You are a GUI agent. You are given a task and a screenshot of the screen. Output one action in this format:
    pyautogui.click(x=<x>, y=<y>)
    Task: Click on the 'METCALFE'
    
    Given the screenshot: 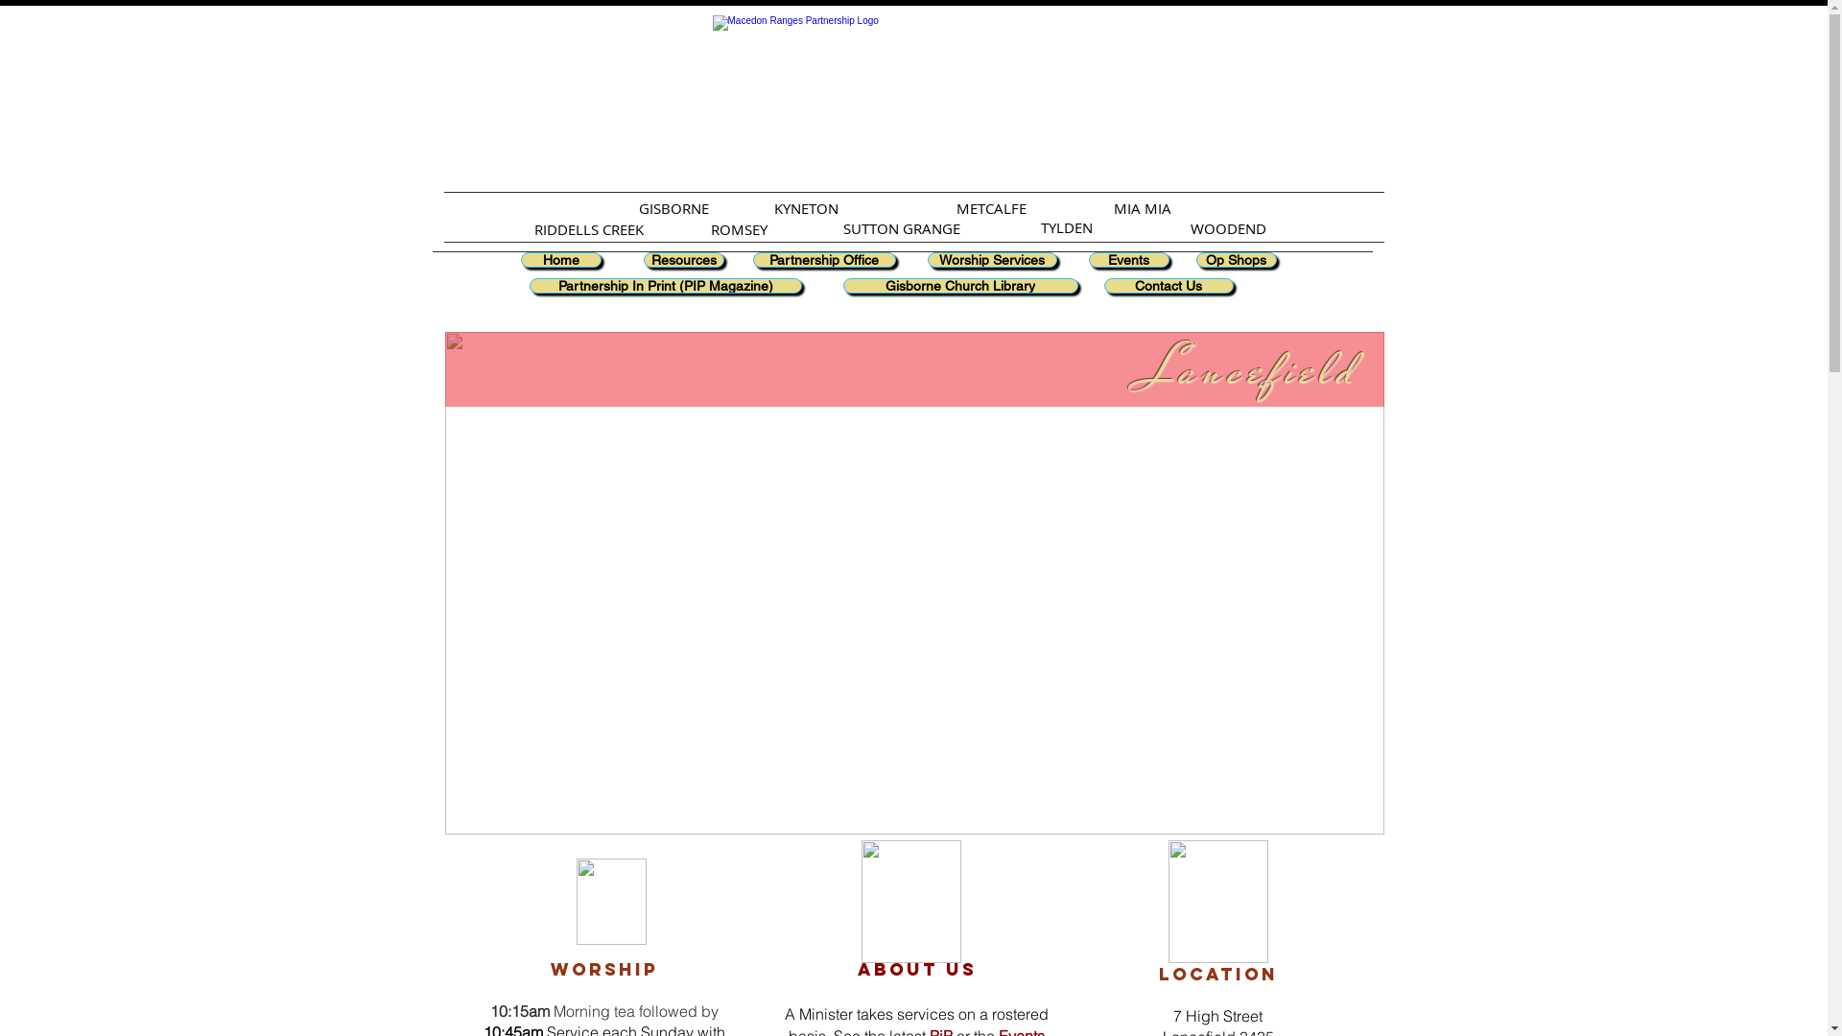 What is the action you would take?
    pyautogui.click(x=956, y=207)
    